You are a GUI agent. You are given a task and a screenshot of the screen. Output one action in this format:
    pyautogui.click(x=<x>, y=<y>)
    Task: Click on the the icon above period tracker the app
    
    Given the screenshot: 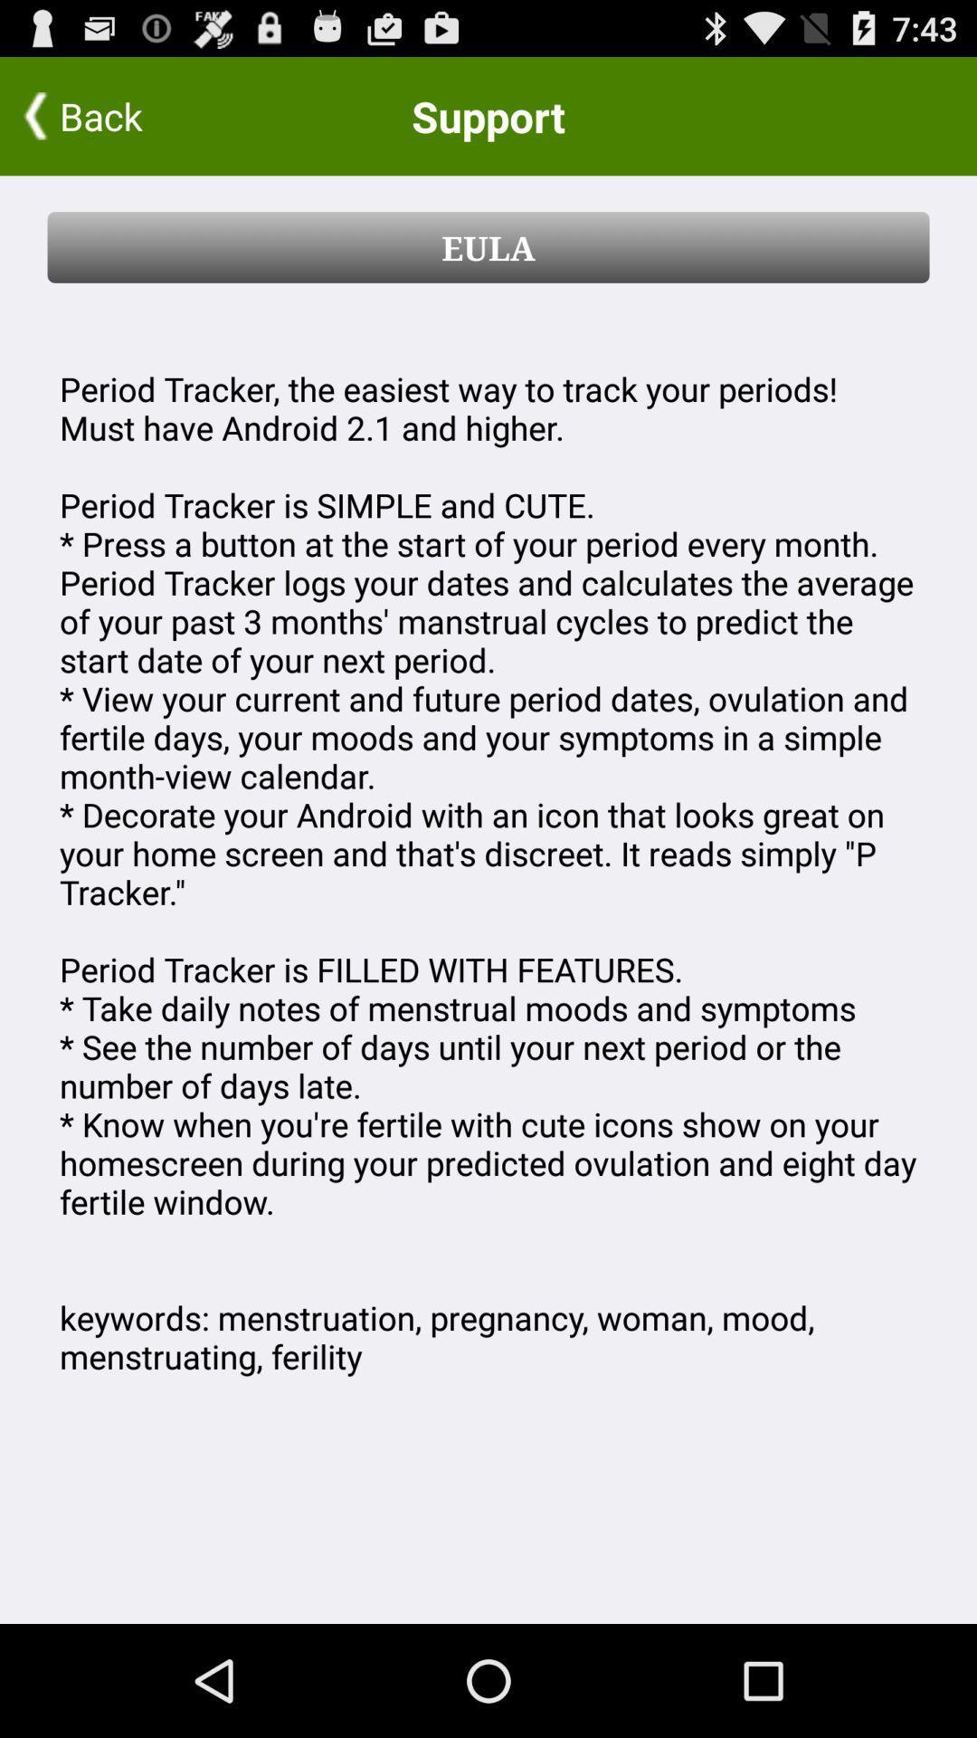 What is the action you would take?
    pyautogui.click(x=488, y=246)
    